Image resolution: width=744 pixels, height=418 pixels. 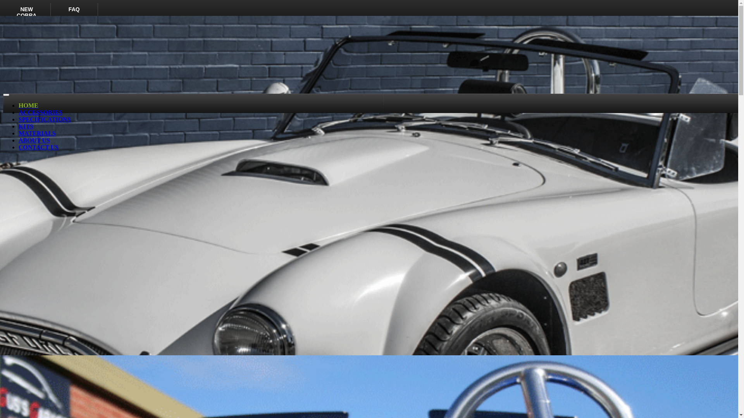 What do you see at coordinates (34, 140) in the screenshot?
I see `'ABOUT US'` at bounding box center [34, 140].